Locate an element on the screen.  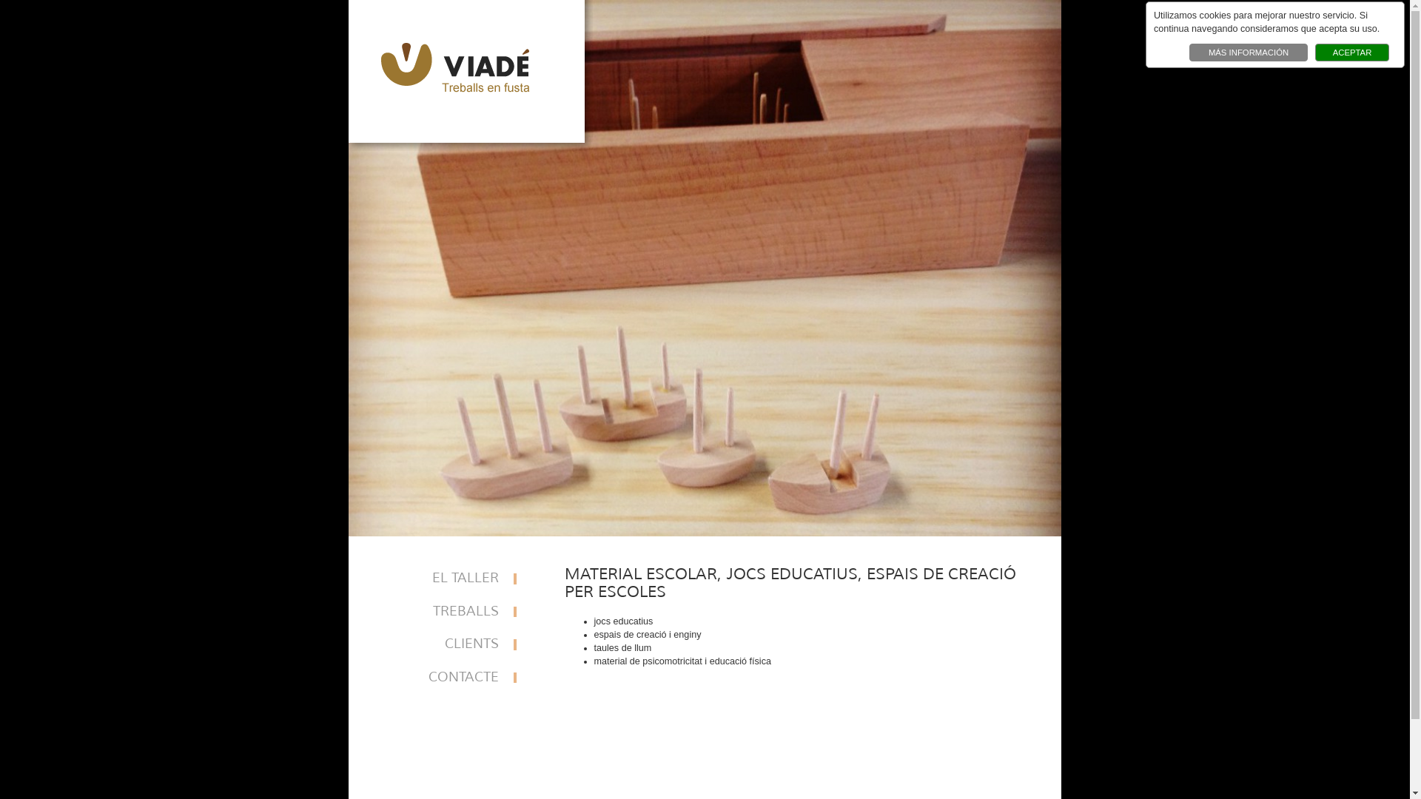
'EL TALLER' is located at coordinates (451, 578).